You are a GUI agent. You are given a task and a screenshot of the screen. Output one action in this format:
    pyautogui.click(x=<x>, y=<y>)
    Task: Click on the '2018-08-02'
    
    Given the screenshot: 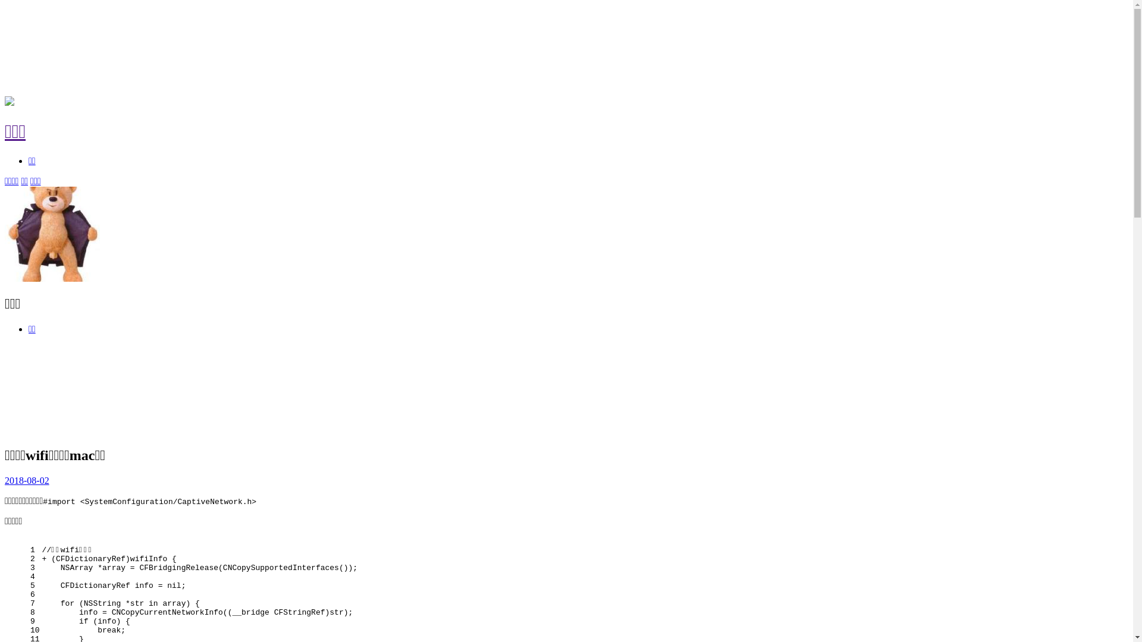 What is the action you would take?
    pyautogui.click(x=5, y=480)
    